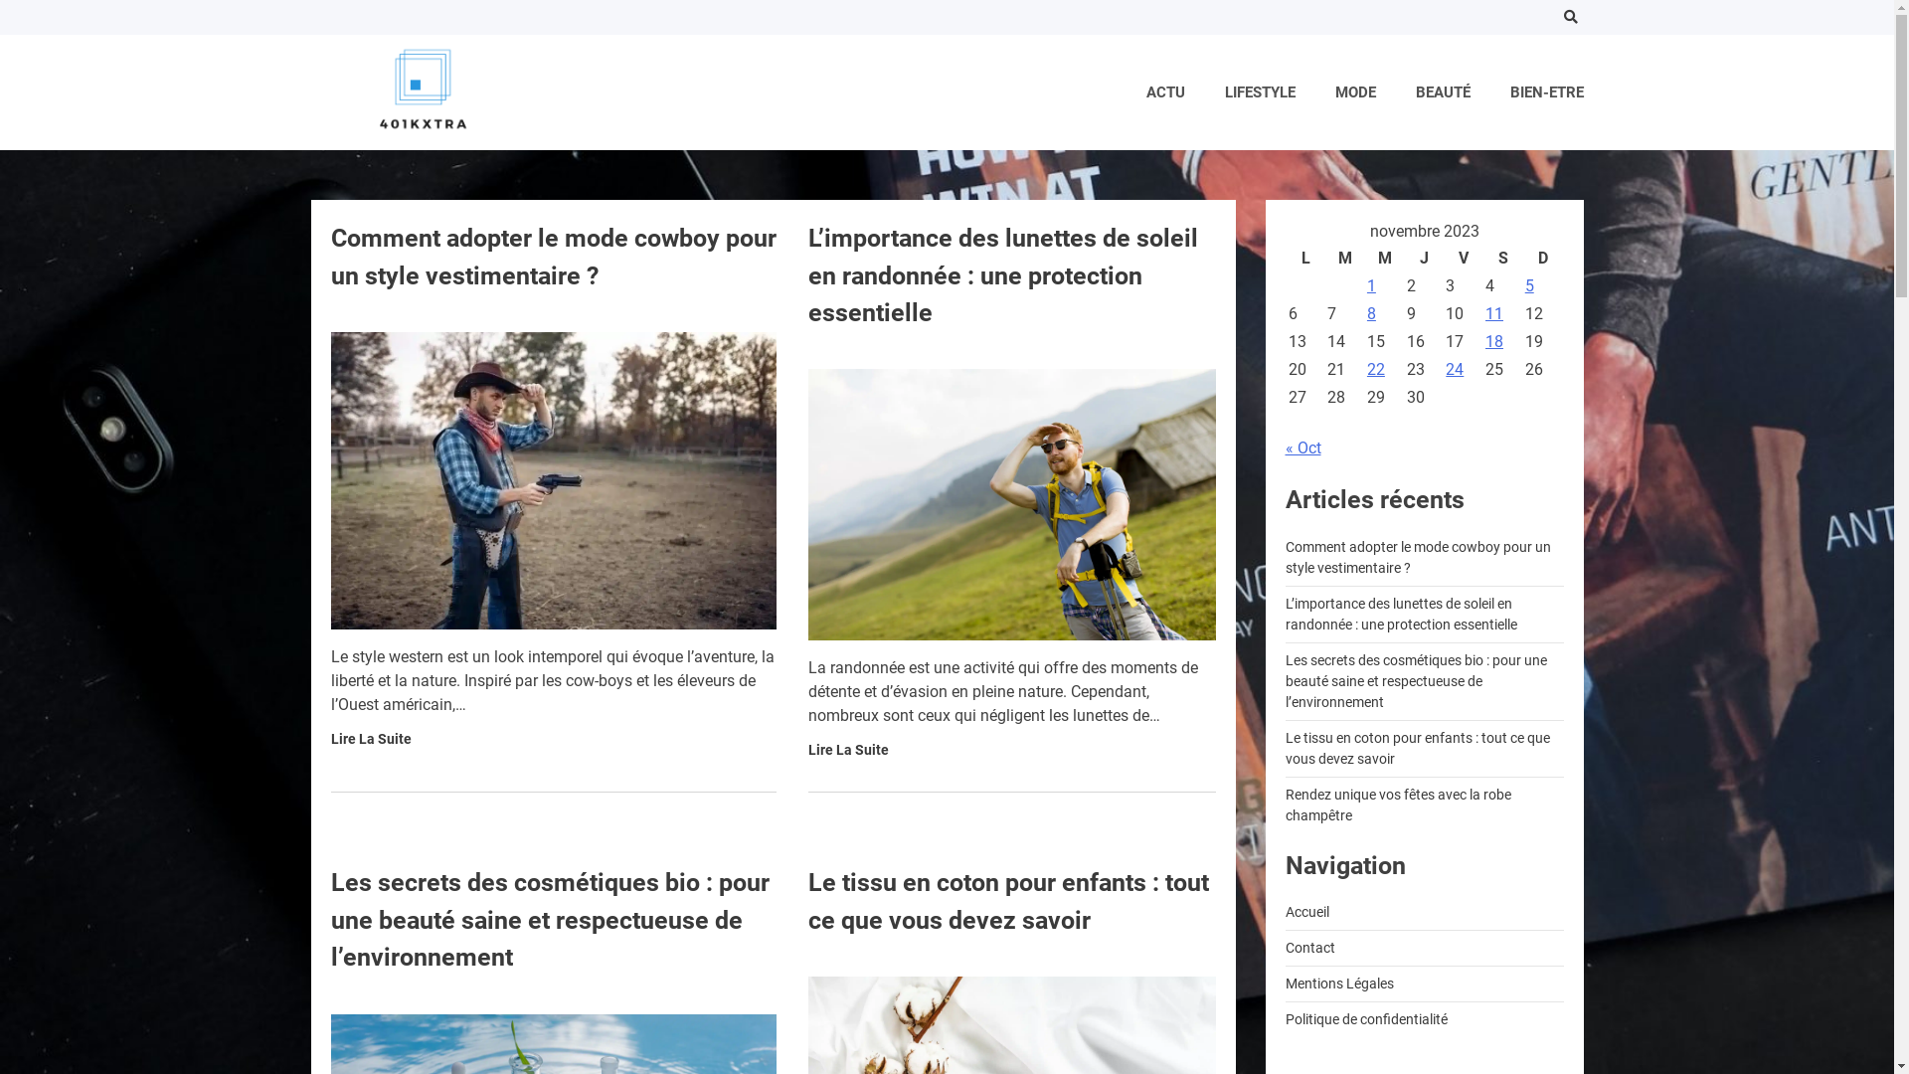  Describe the element at coordinates (1416, 557) in the screenshot. I see `'Comment adopter le mode cowboy pour un style vestimentaire ?'` at that location.